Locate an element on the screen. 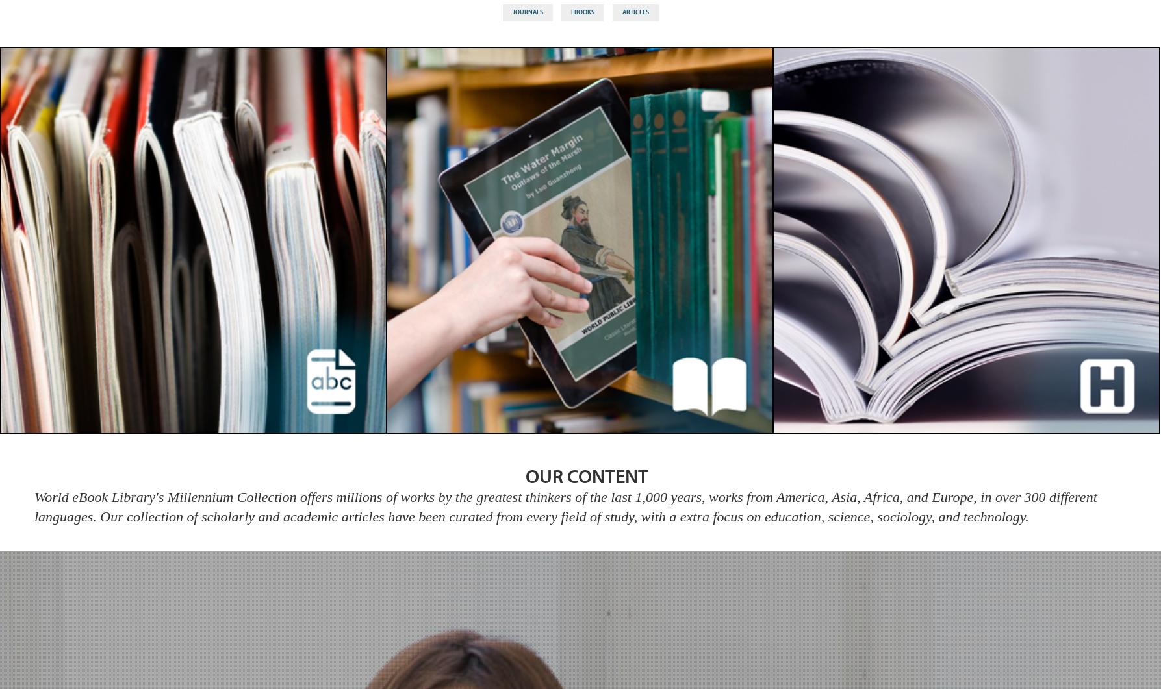 The height and width of the screenshot is (689, 1161). 'OUR CONTENT' is located at coordinates (525, 476).